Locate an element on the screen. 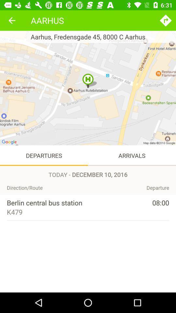  the icon to the left of aarhus item is located at coordinates (12, 20).